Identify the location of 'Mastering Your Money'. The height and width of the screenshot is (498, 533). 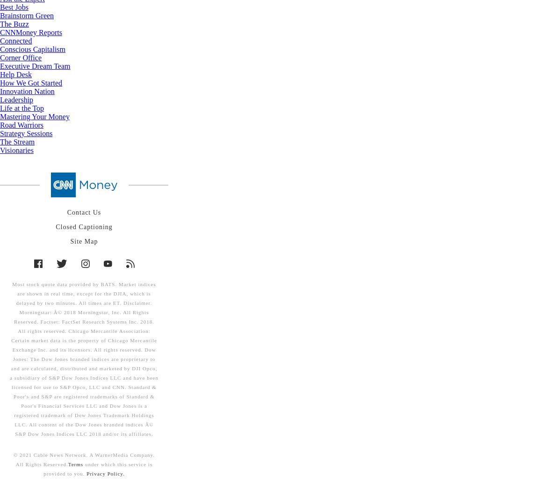
(34, 116).